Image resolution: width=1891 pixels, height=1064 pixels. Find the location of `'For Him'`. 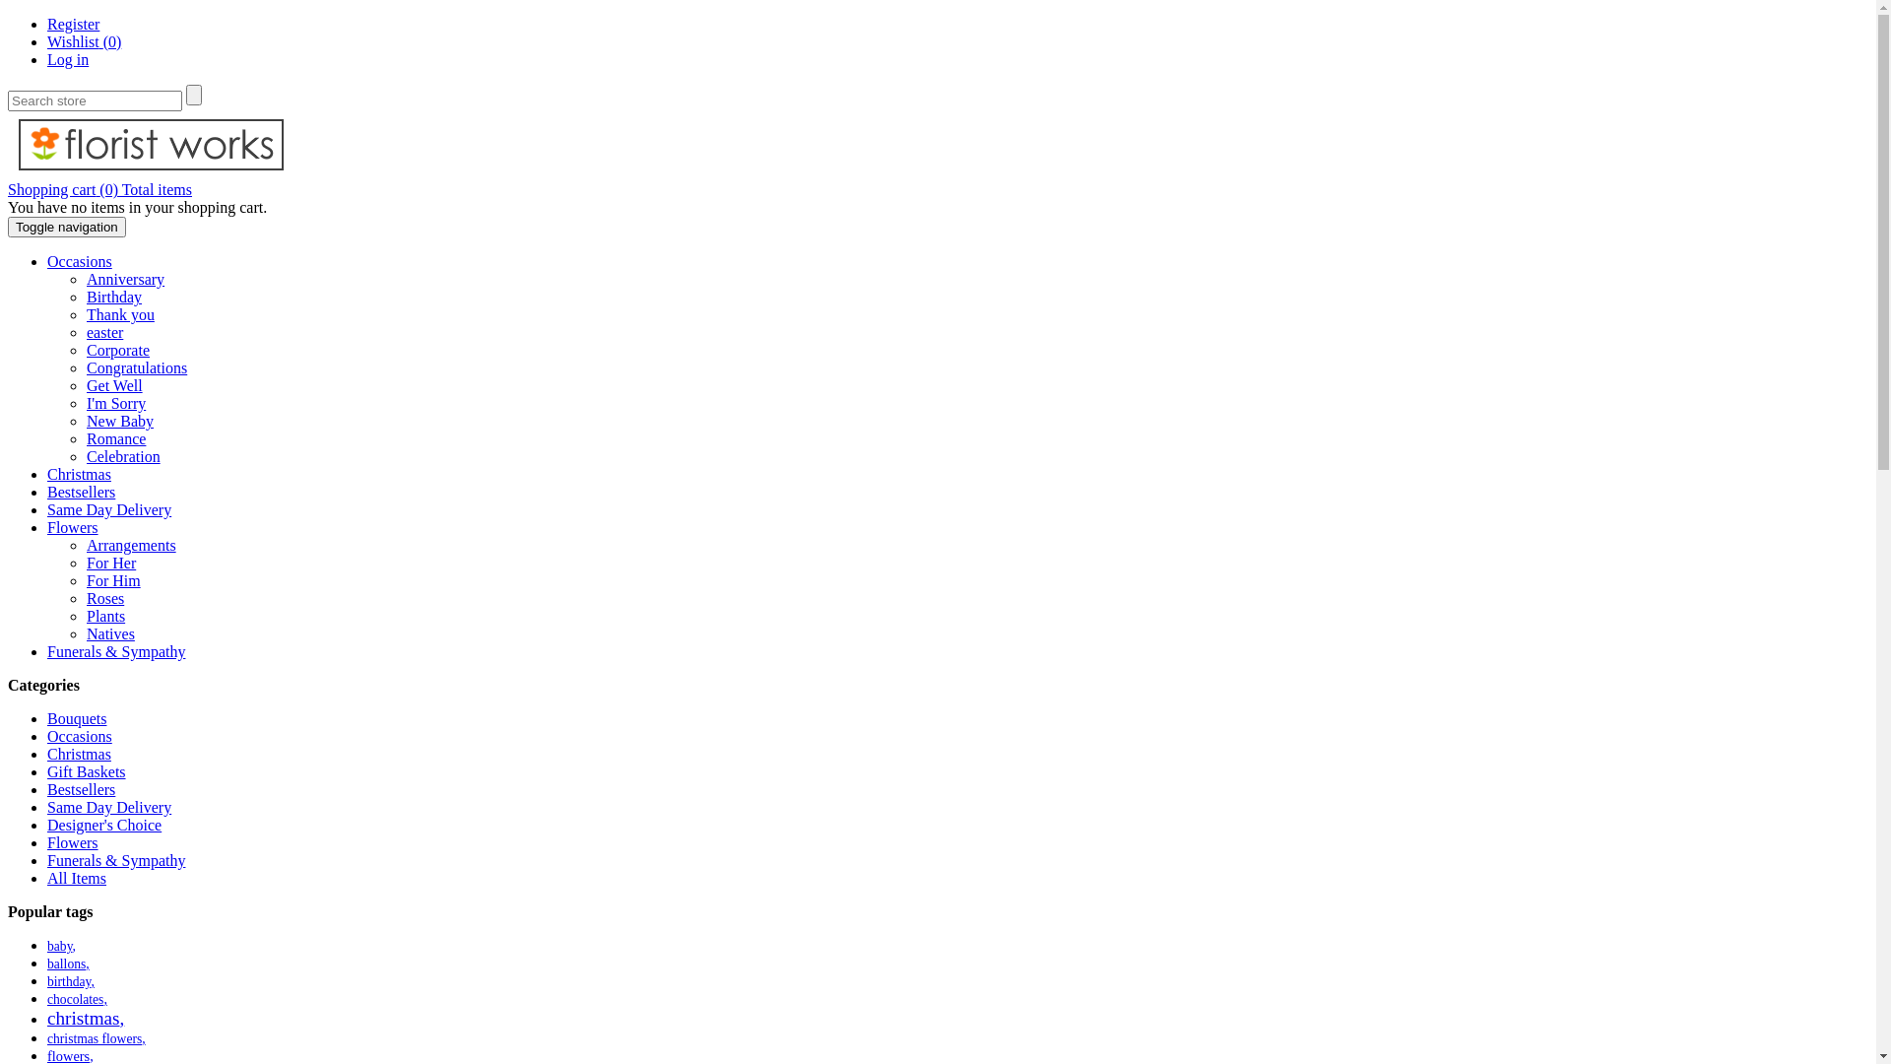

'For Him' is located at coordinates (85, 579).